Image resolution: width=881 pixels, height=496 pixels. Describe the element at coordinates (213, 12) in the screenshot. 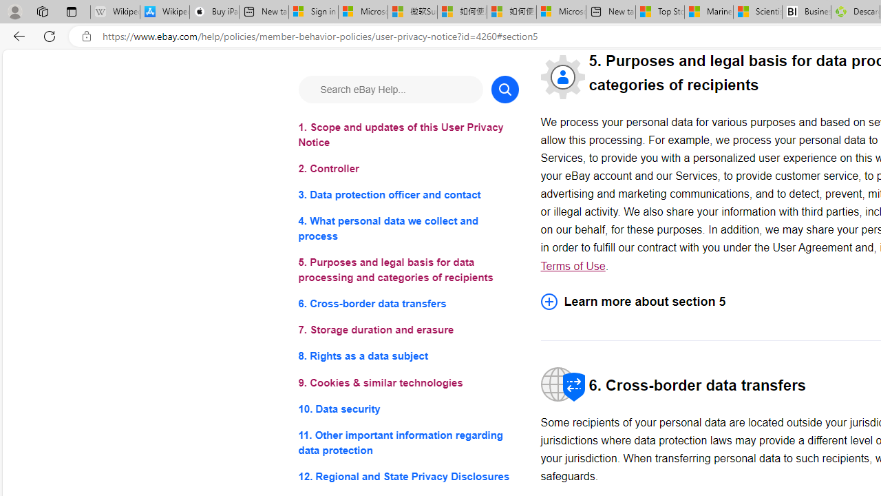

I see `'Buy iPad - Apple'` at that location.